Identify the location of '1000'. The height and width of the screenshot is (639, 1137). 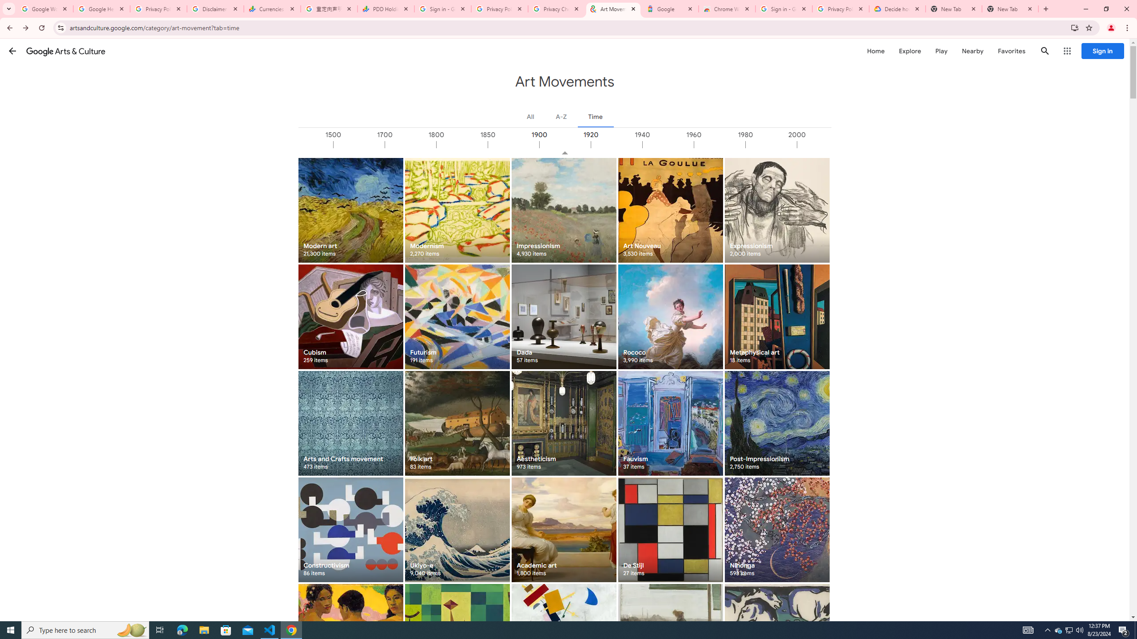
(306, 144).